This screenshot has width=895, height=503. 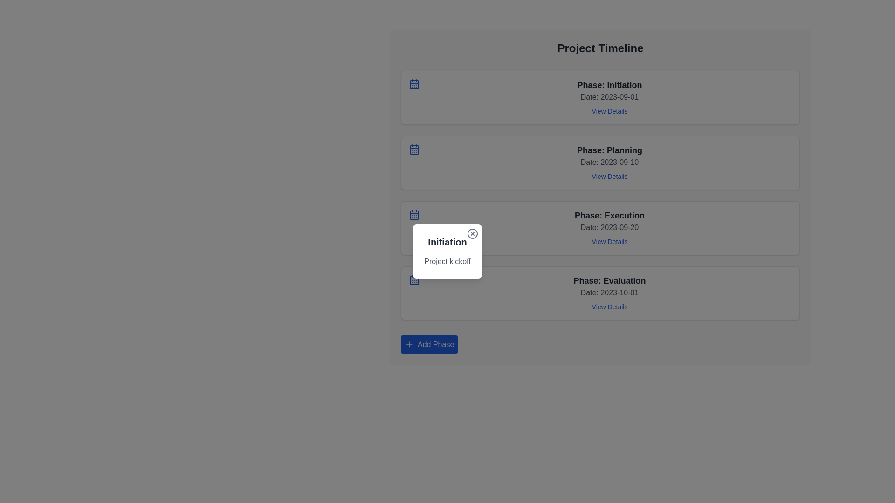 I want to click on the static metadata text label that indicates the date related to the execution phase of a project, positioned beneath the 'Phase: Execution' label and above the 'View Details' link, so click(x=610, y=228).